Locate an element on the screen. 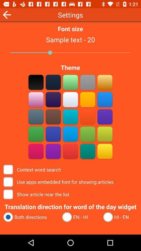  brown is located at coordinates (53, 117).